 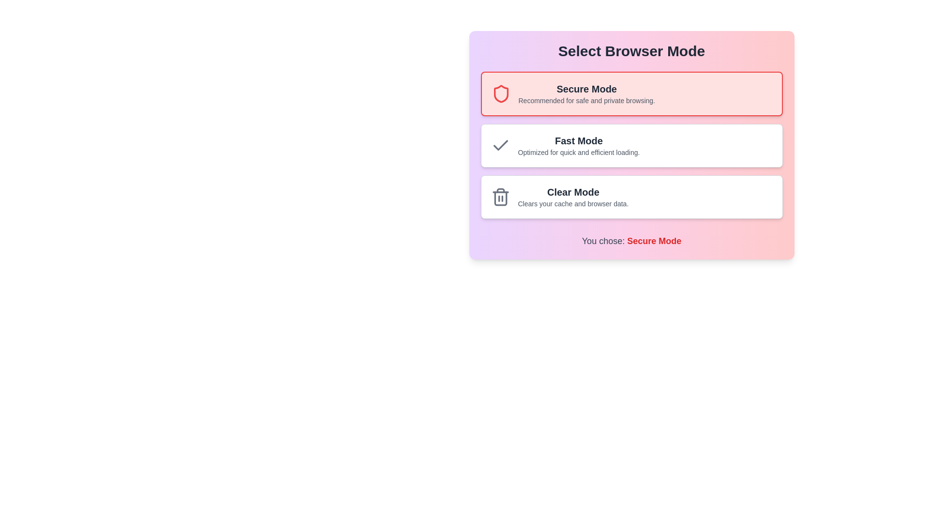 I want to click on the descriptive text reading 'Recommended for safe and private browsing.' which is positioned directly below the 'Secure Mode' heading, so click(x=586, y=101).